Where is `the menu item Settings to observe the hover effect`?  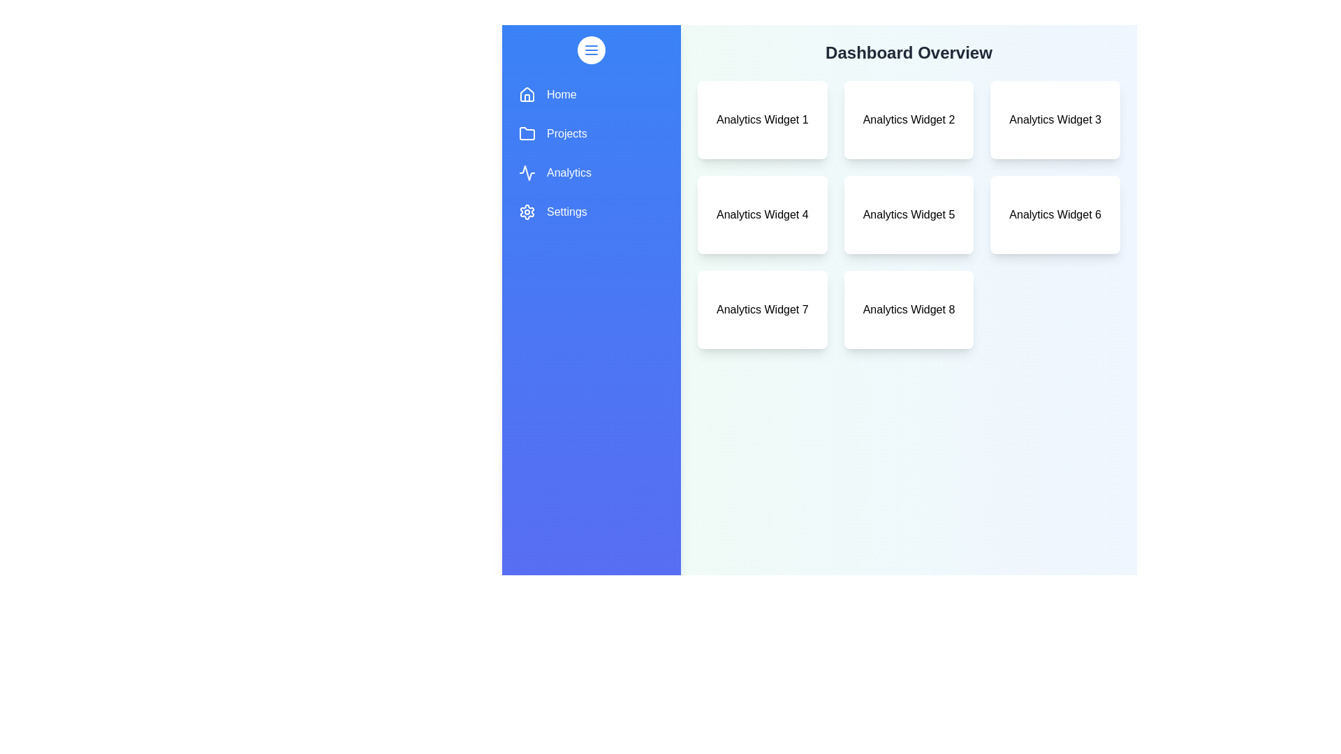 the menu item Settings to observe the hover effect is located at coordinates (591, 212).